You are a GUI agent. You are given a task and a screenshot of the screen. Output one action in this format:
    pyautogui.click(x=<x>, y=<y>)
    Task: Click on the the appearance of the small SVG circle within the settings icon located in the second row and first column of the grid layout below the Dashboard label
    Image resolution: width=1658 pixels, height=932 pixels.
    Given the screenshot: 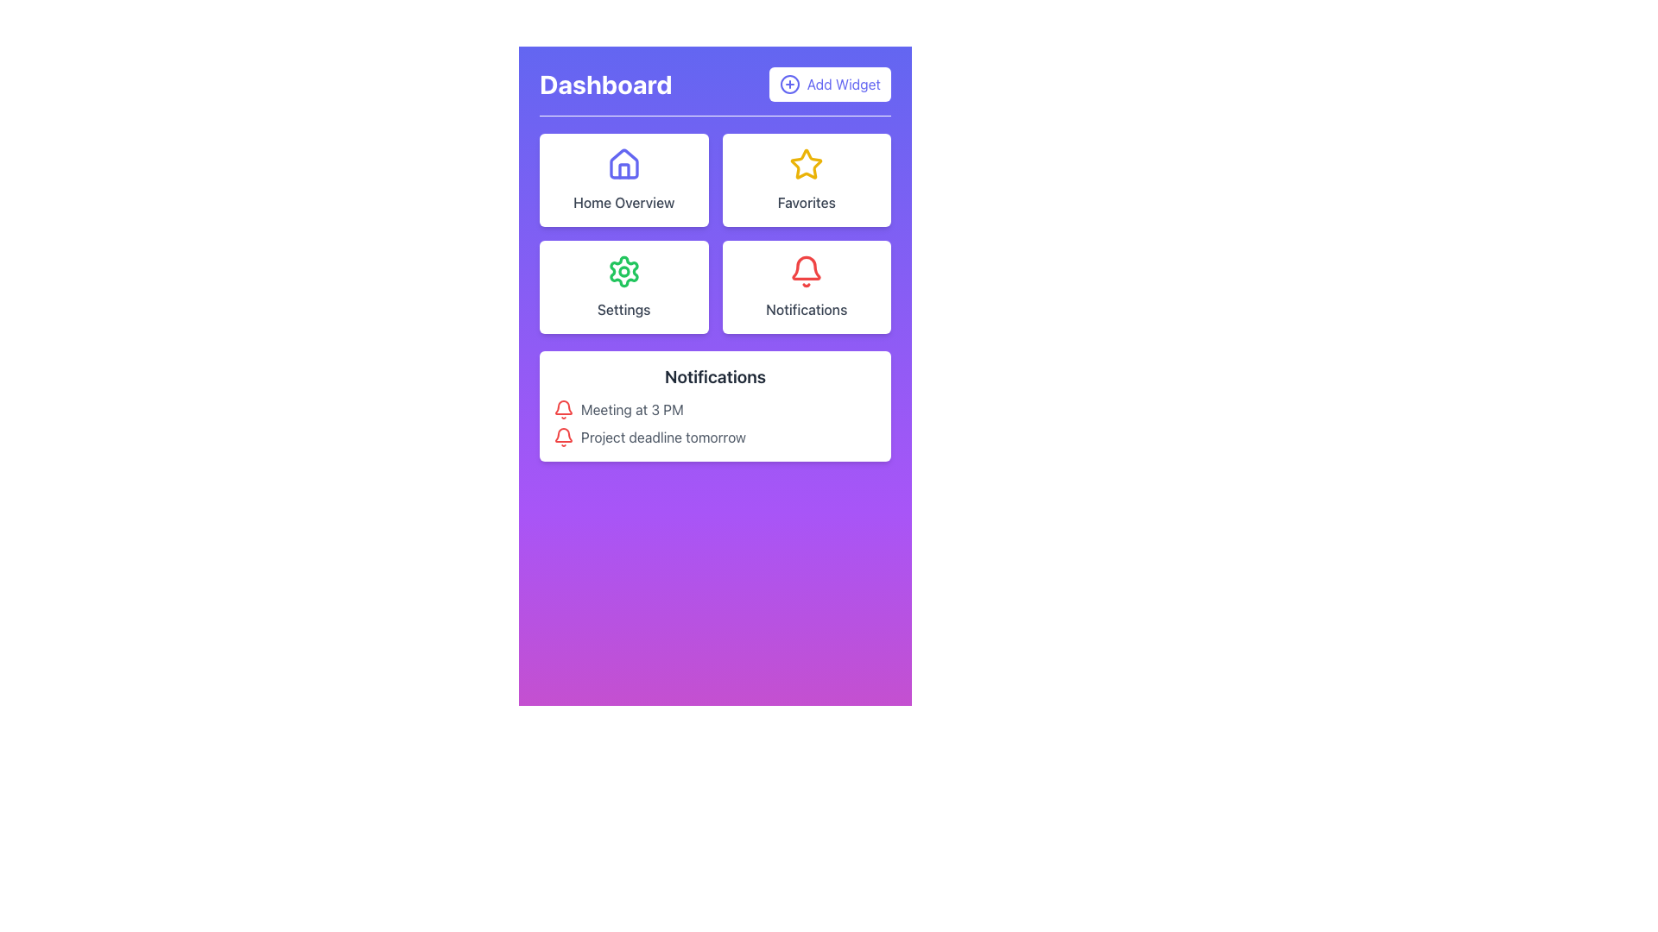 What is the action you would take?
    pyautogui.click(x=623, y=272)
    